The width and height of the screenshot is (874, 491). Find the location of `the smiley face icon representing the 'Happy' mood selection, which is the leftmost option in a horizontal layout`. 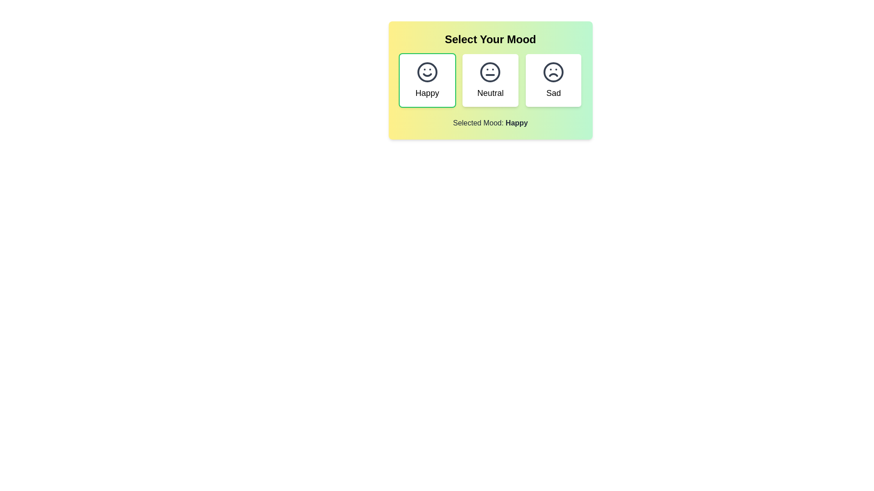

the smiley face icon representing the 'Happy' mood selection, which is the leftmost option in a horizontal layout is located at coordinates (427, 71).